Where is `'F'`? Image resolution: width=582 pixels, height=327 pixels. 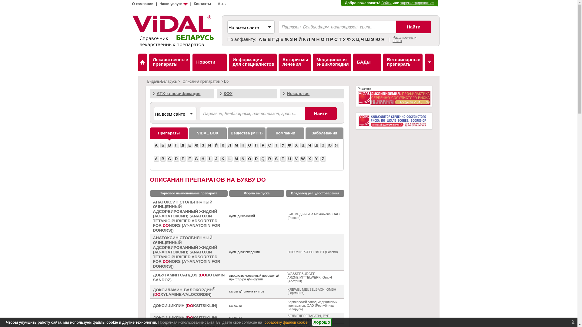
'F' is located at coordinates (189, 158).